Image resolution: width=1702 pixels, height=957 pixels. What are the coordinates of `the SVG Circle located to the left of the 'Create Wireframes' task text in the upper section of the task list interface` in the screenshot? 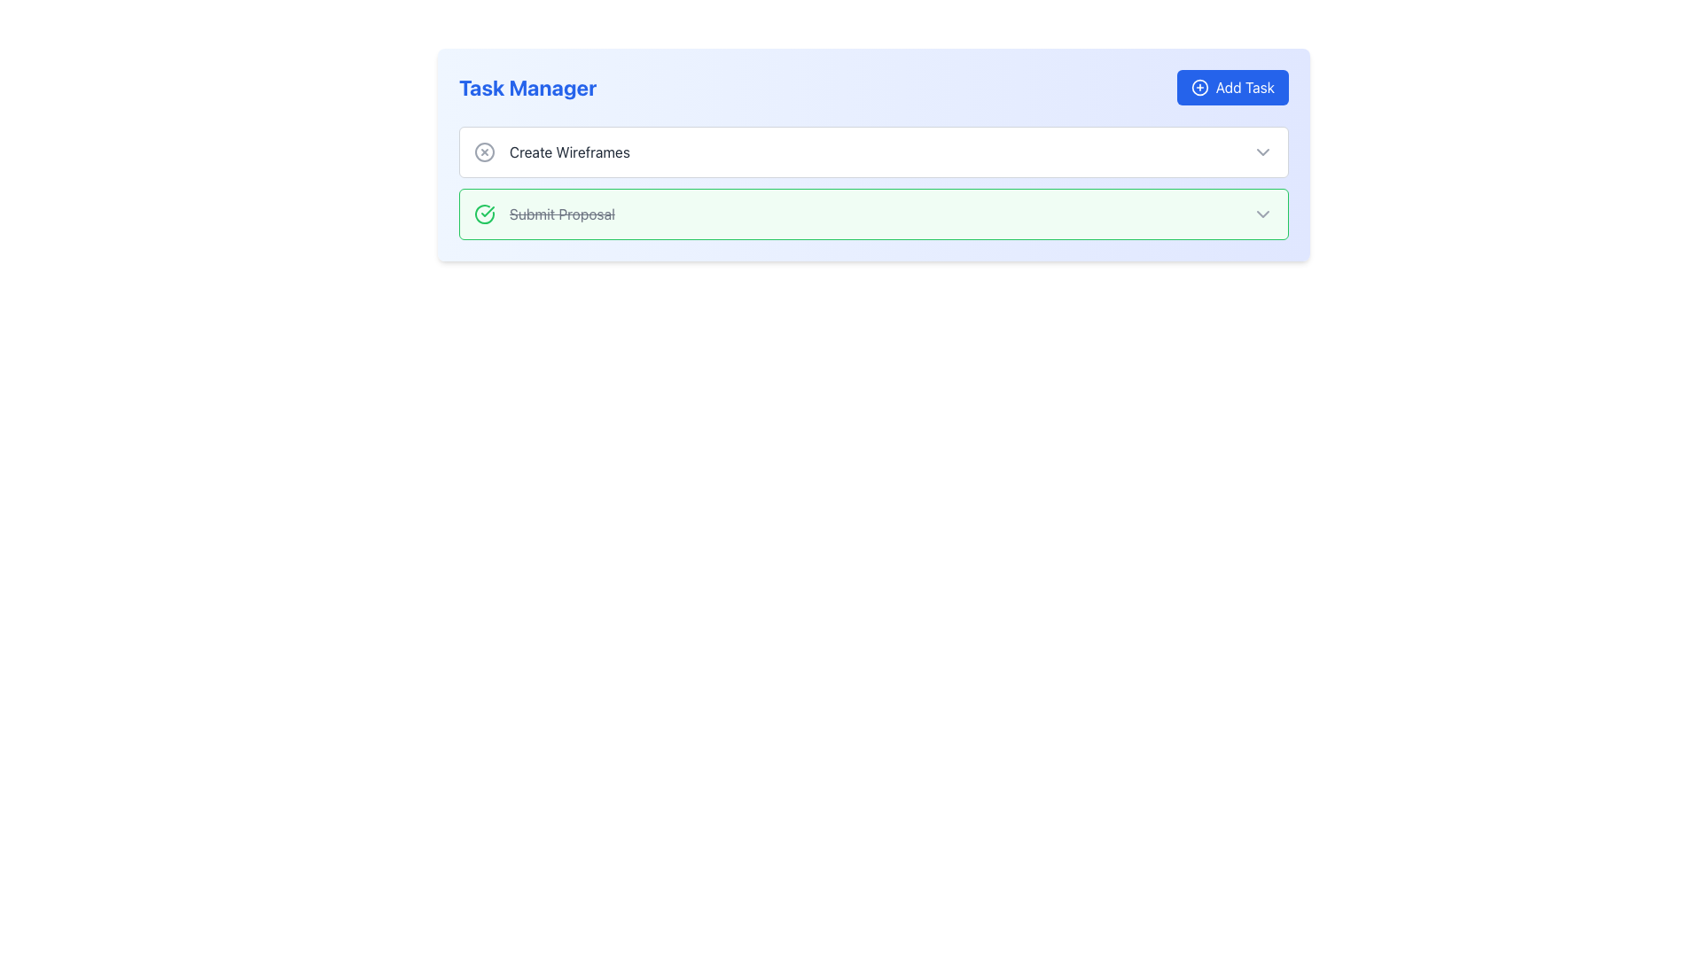 It's located at (485, 152).